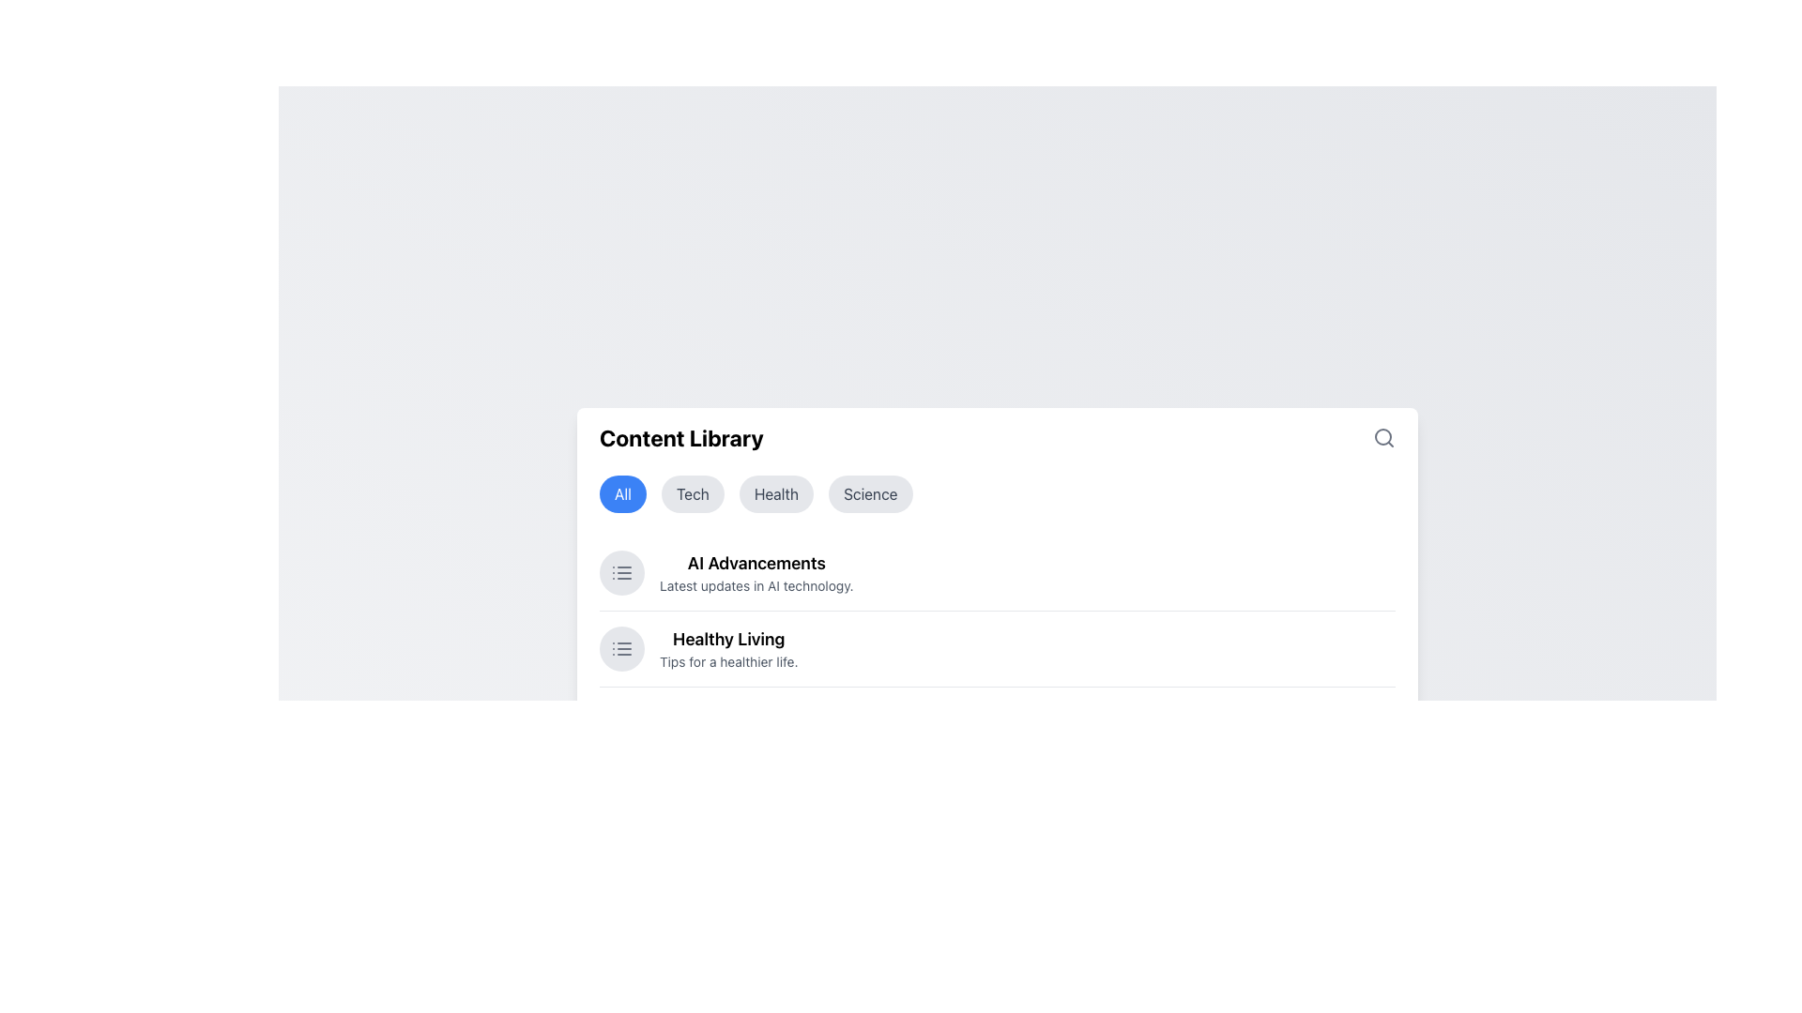 The image size is (1802, 1013). What do you see at coordinates (776, 493) in the screenshot?
I see `the 'Health' category button, which is the third button from the left in a horizontal group of category buttons, to filter content related to health` at bounding box center [776, 493].